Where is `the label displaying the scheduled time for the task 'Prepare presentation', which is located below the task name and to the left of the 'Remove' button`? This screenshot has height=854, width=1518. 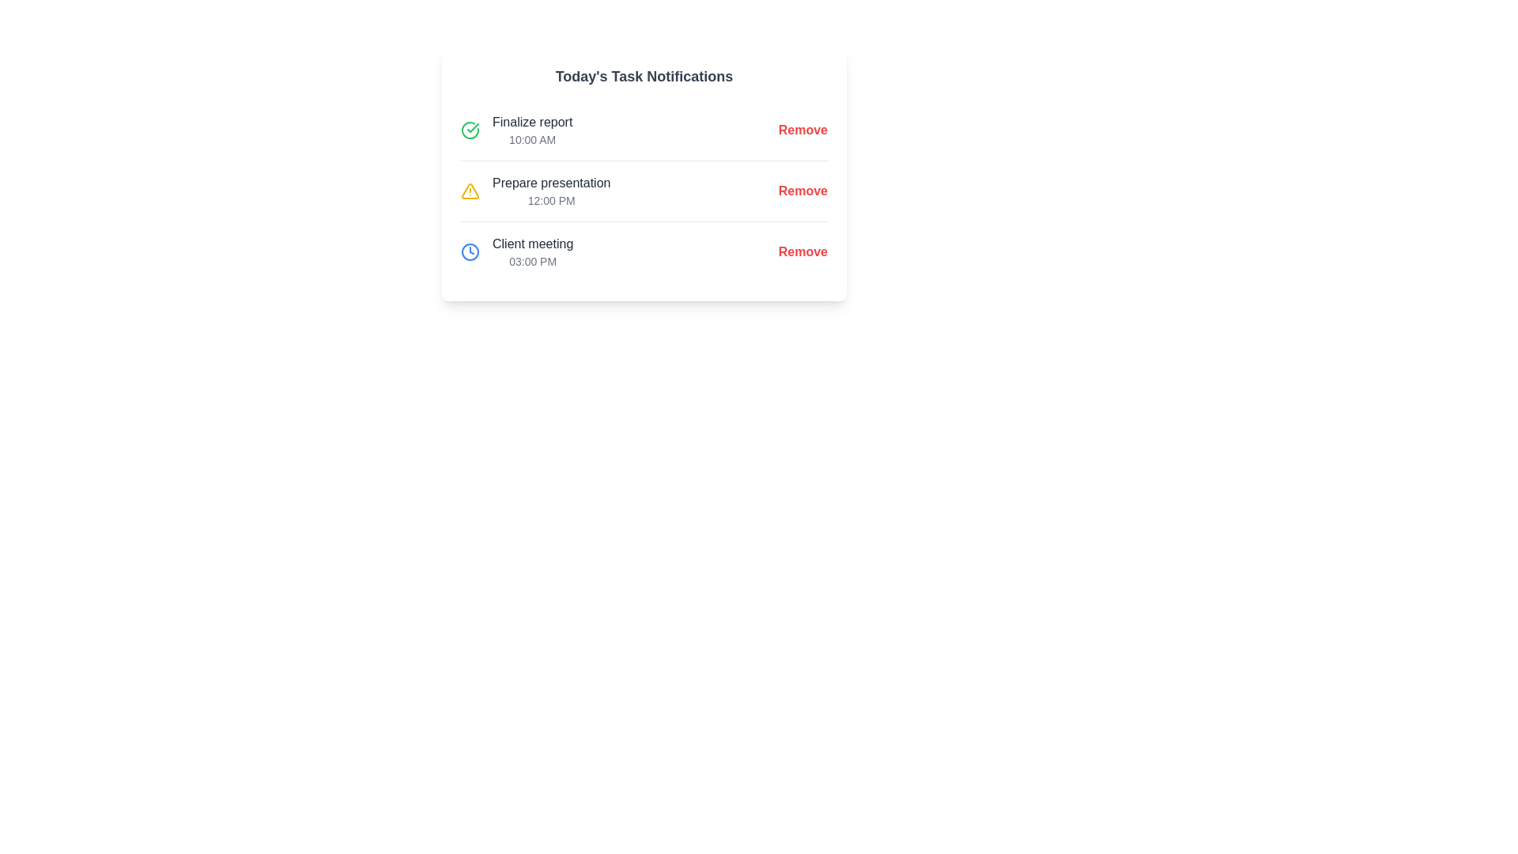
the label displaying the scheduled time for the task 'Prepare presentation', which is located below the task name and to the left of the 'Remove' button is located at coordinates (551, 200).